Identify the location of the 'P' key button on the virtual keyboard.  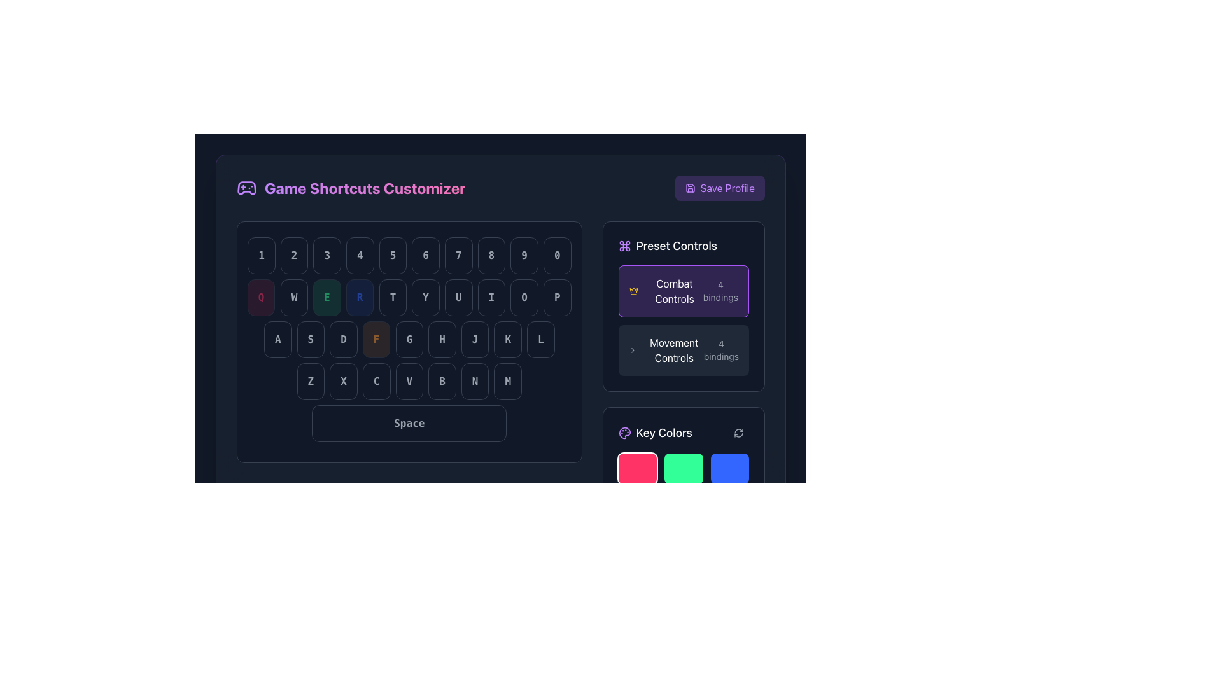
(557, 297).